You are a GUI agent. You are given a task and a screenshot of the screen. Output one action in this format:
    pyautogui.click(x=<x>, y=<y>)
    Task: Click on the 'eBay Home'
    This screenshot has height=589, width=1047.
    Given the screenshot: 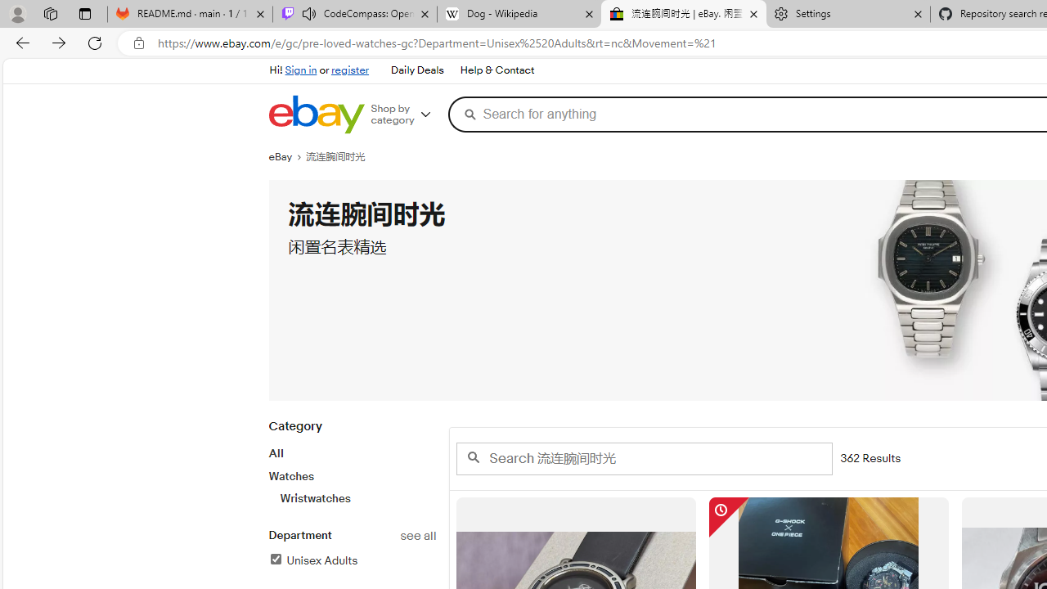 What is the action you would take?
    pyautogui.click(x=316, y=114)
    